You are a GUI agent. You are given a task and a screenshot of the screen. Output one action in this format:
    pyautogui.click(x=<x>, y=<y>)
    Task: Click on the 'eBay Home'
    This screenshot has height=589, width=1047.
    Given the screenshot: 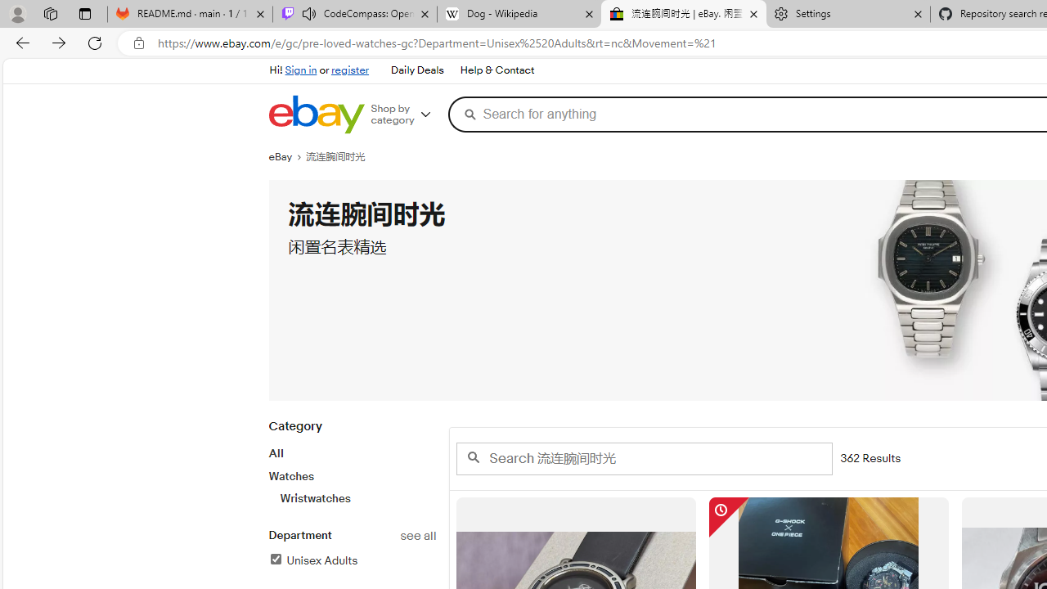 What is the action you would take?
    pyautogui.click(x=316, y=114)
    